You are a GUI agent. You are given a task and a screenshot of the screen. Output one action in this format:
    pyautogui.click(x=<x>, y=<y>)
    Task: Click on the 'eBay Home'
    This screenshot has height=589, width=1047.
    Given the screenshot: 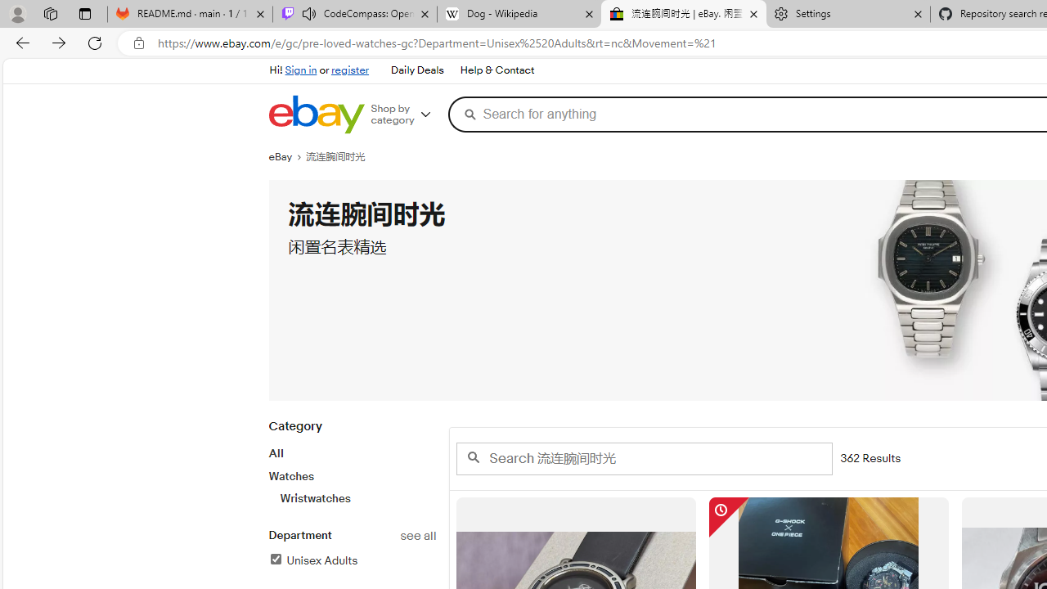 What is the action you would take?
    pyautogui.click(x=316, y=114)
    